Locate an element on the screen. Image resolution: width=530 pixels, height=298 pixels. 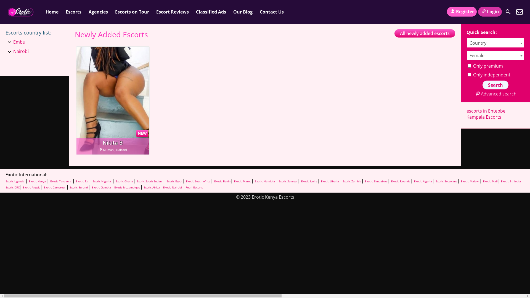
'Exotic Zimbabwe' is located at coordinates (376, 181).